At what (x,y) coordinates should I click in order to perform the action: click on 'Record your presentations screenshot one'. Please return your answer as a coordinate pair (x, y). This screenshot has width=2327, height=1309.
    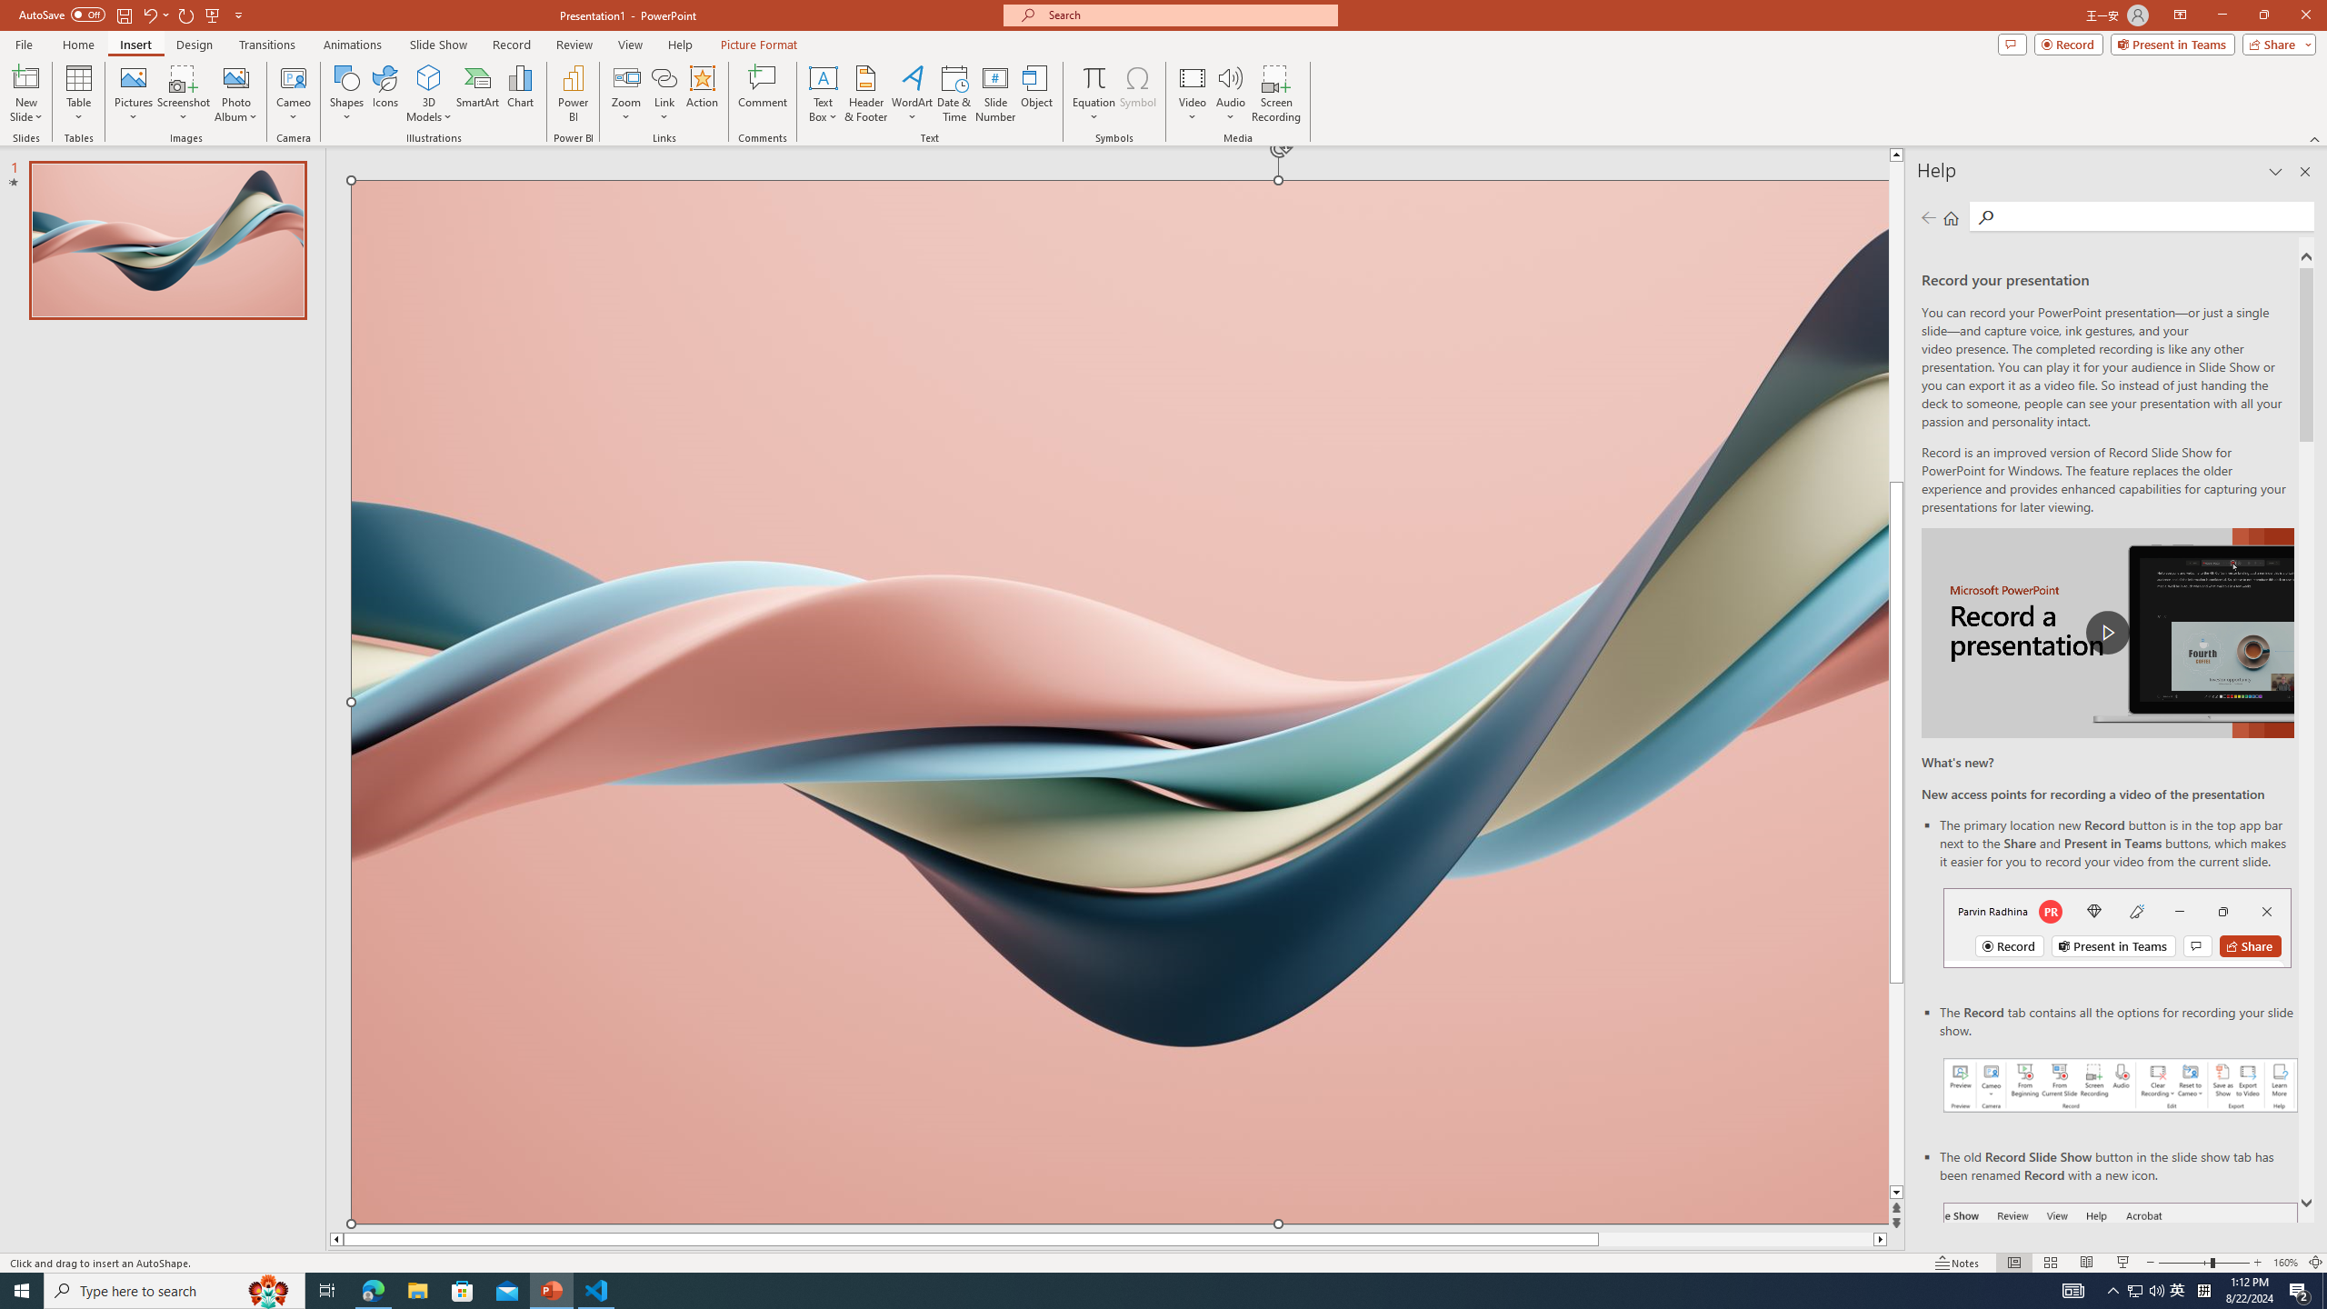
    Looking at the image, I should click on (2120, 1084).